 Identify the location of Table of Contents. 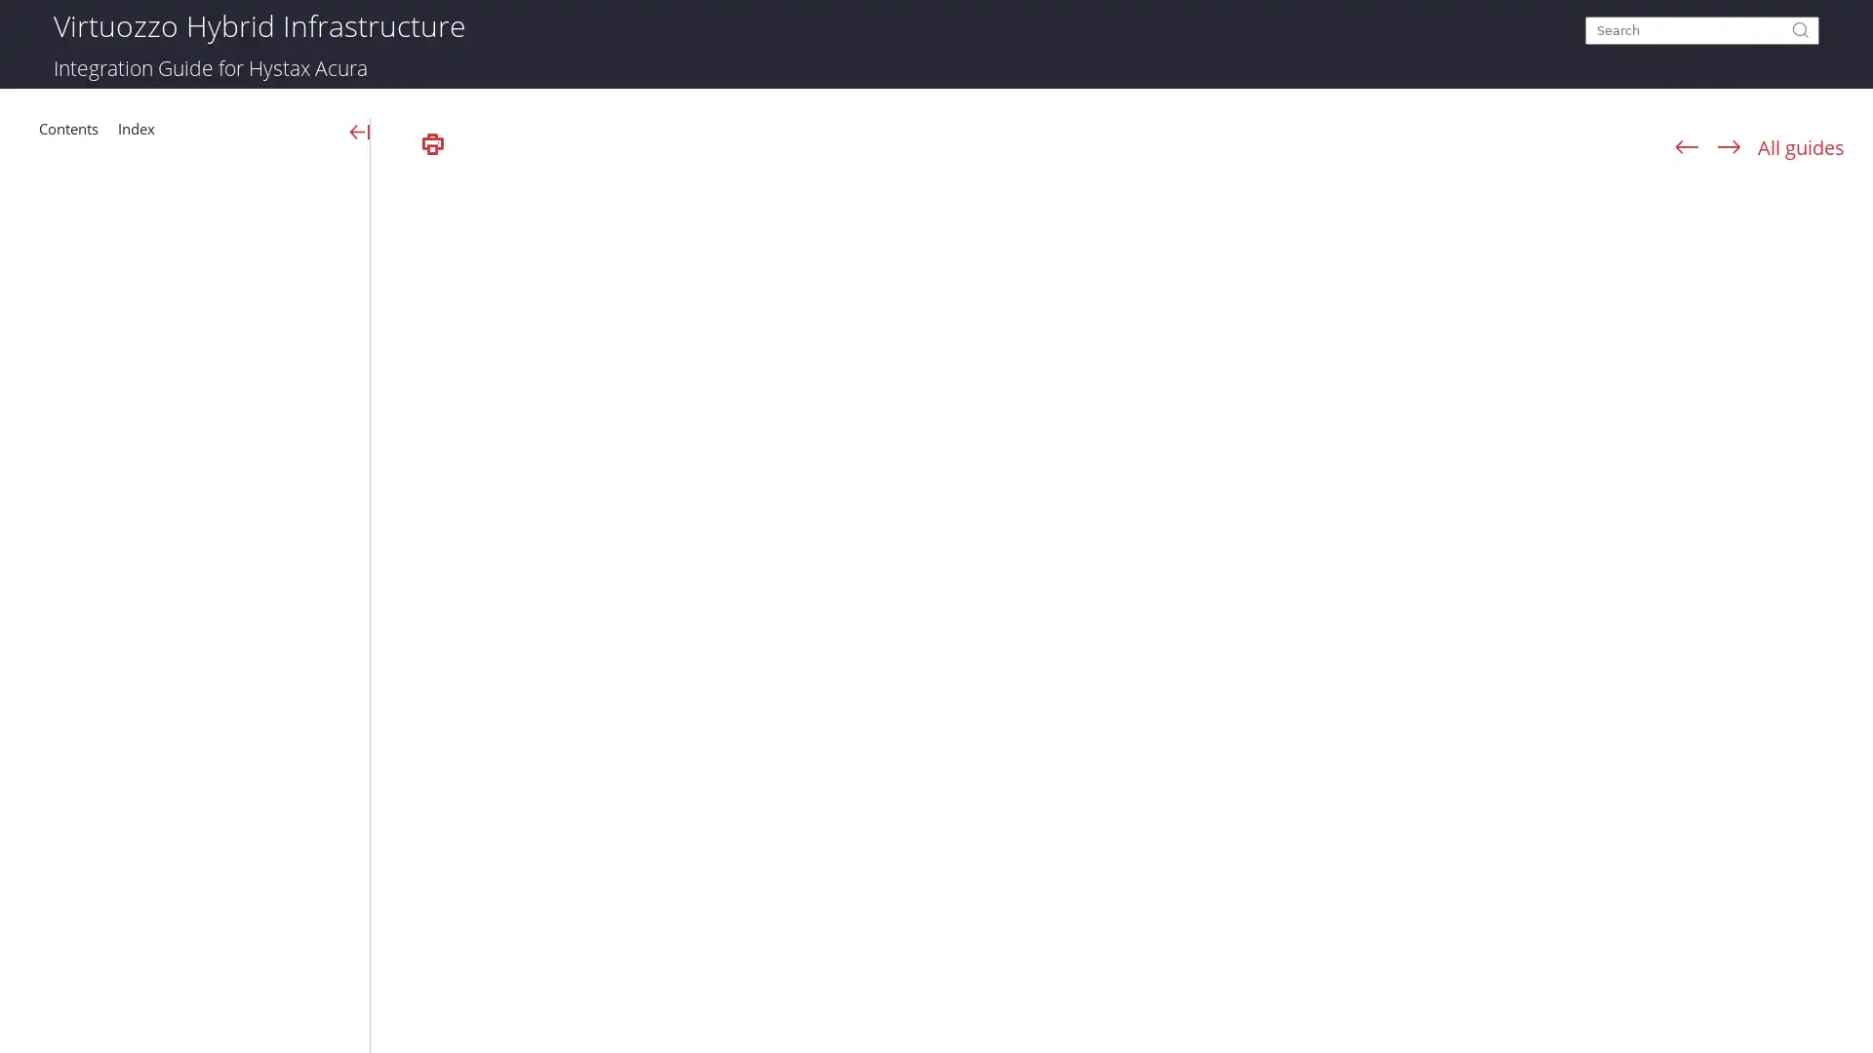
(92, 134).